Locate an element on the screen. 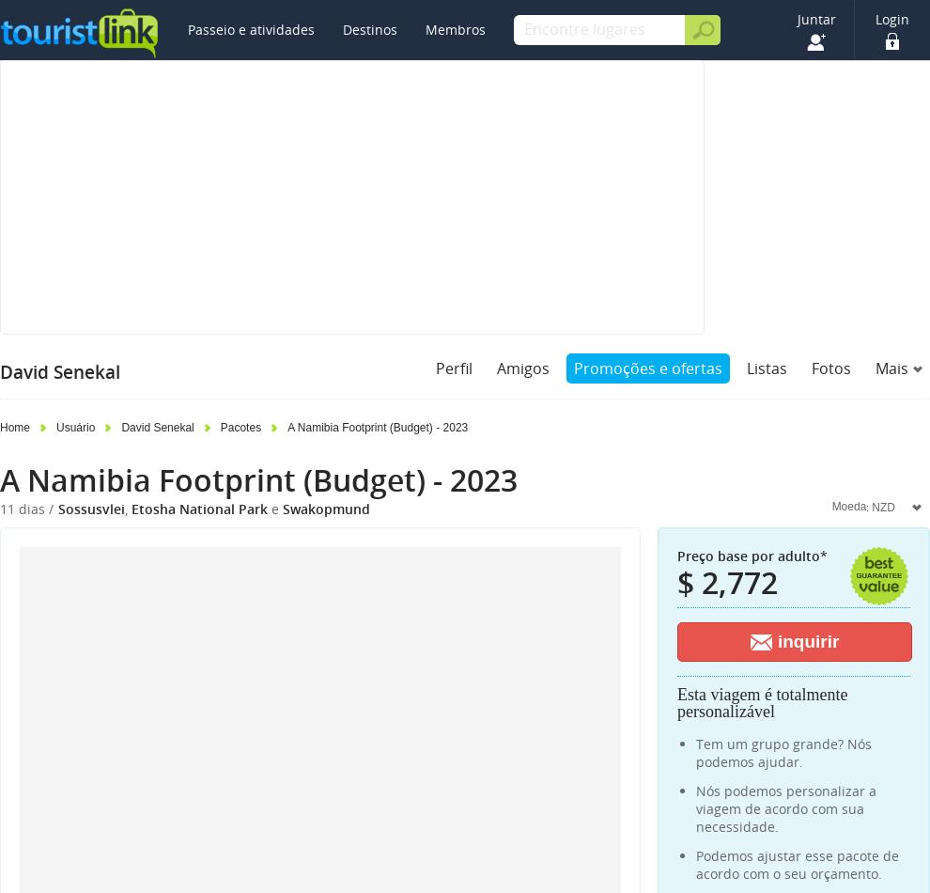 Image resolution: width=930 pixels, height=893 pixels. 'Promoções e ofertas' is located at coordinates (573, 367).